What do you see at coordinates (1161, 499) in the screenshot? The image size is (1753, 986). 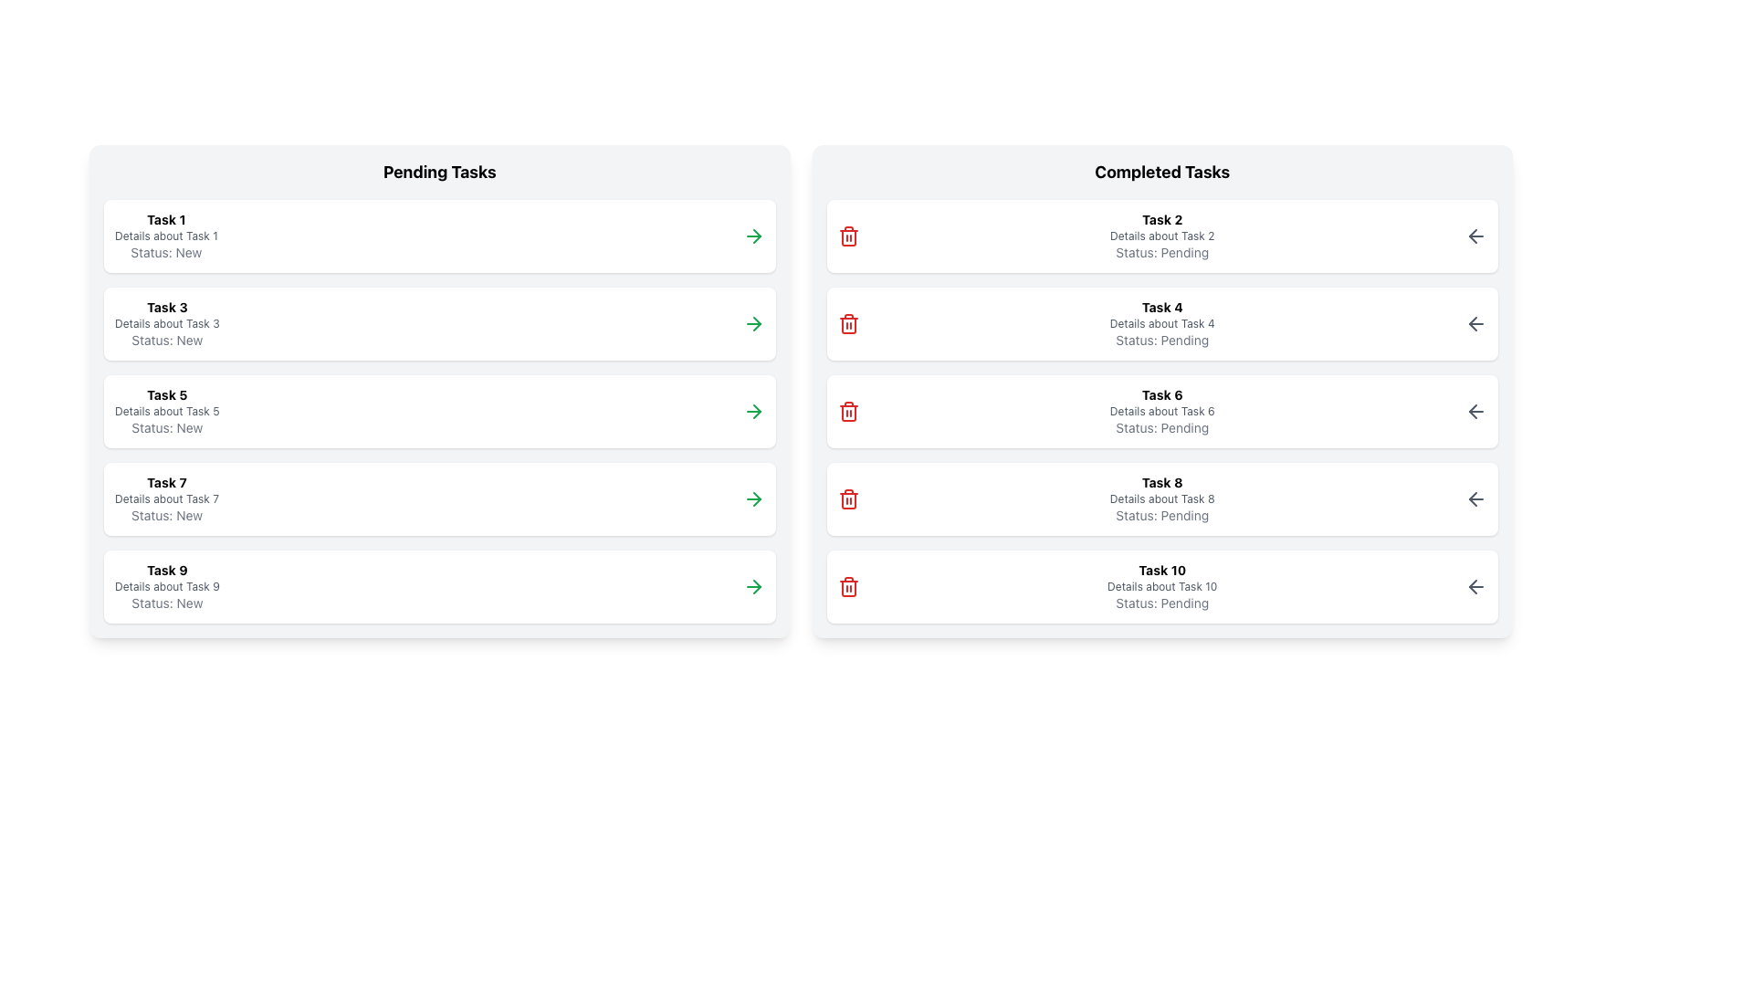 I see `text content of the text block displaying task details, which includes 'Task 8', 'Details about Task 8', and 'Status: Pending', located in the fourth item of the 'Completed Tasks' column` at bounding box center [1161, 499].